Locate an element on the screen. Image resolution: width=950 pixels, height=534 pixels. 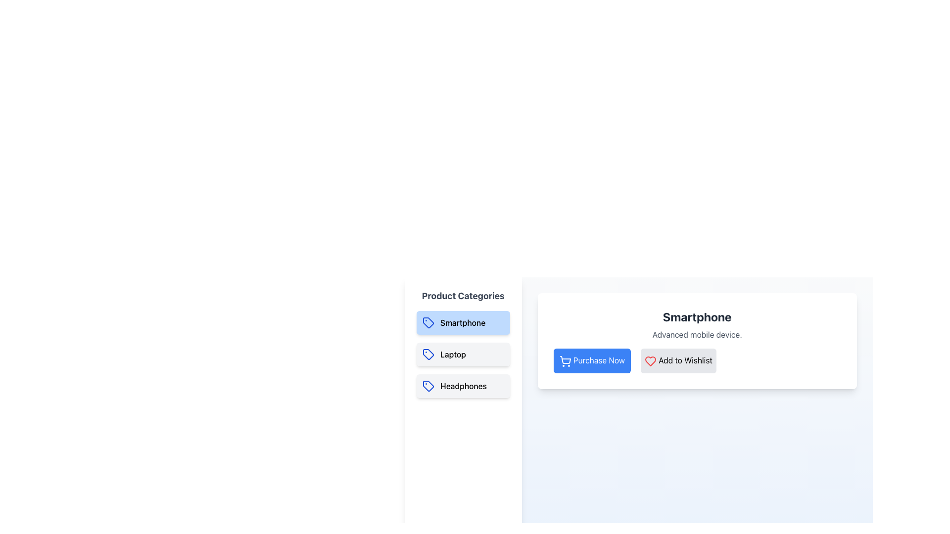
the heart-shaped icon on the 'Add to Wishlist' button is located at coordinates (651, 361).